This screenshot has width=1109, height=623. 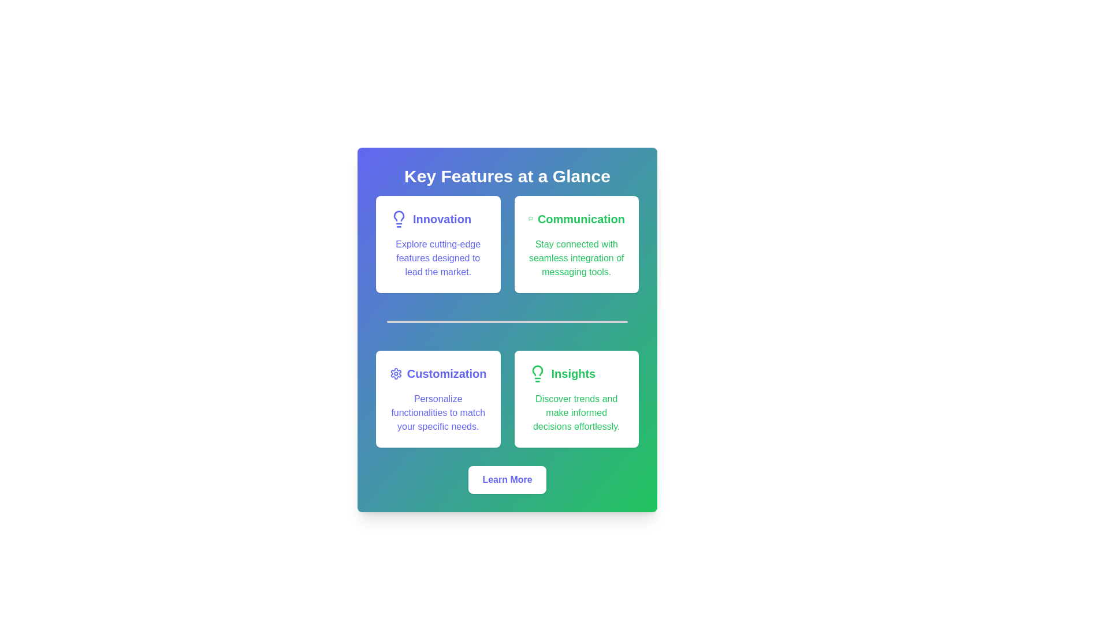 What do you see at coordinates (437, 412) in the screenshot?
I see `the text paragraph stating 'Personalize functionalities to match your specific needs.' which is styled in purple and located in the bottom-left quadrant of the 'Customization' card` at bounding box center [437, 412].